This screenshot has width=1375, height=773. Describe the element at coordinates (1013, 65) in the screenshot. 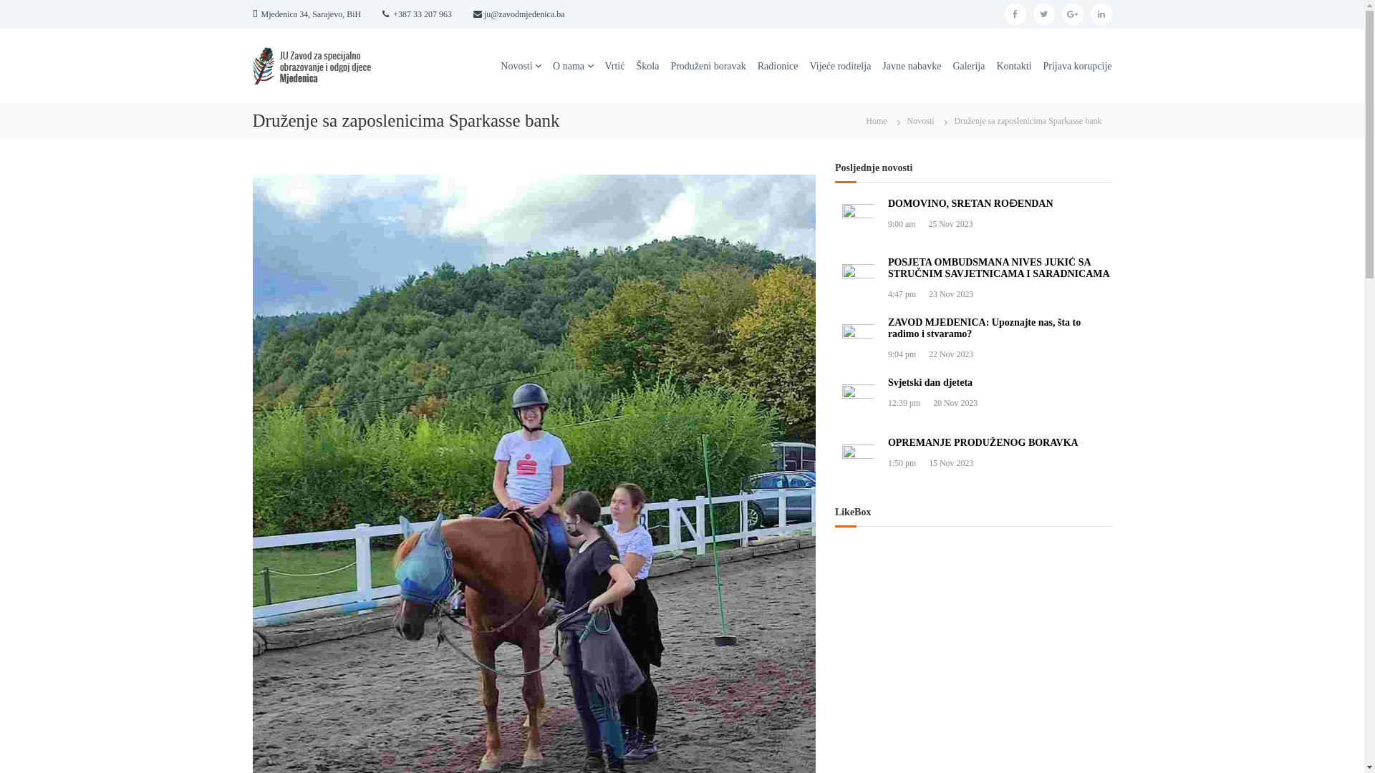

I see `'Kontakti'` at that location.